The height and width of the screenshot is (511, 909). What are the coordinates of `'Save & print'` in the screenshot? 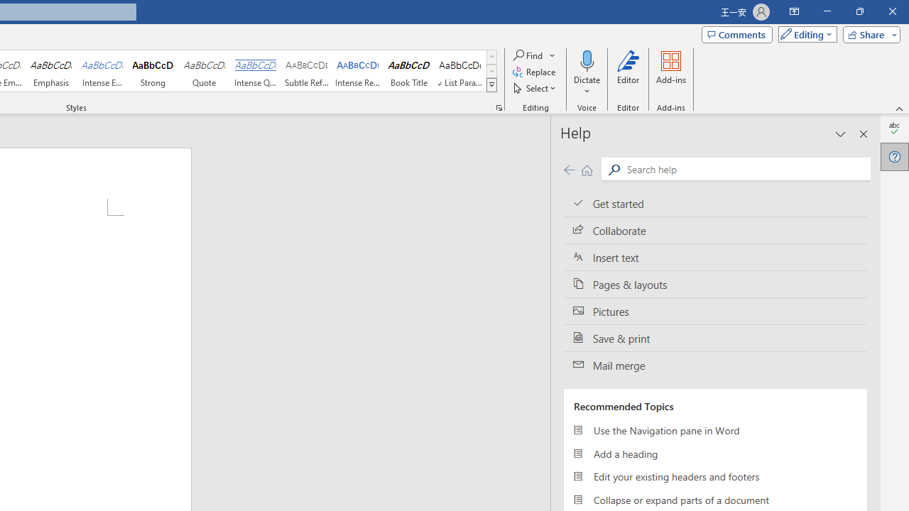 It's located at (715, 339).